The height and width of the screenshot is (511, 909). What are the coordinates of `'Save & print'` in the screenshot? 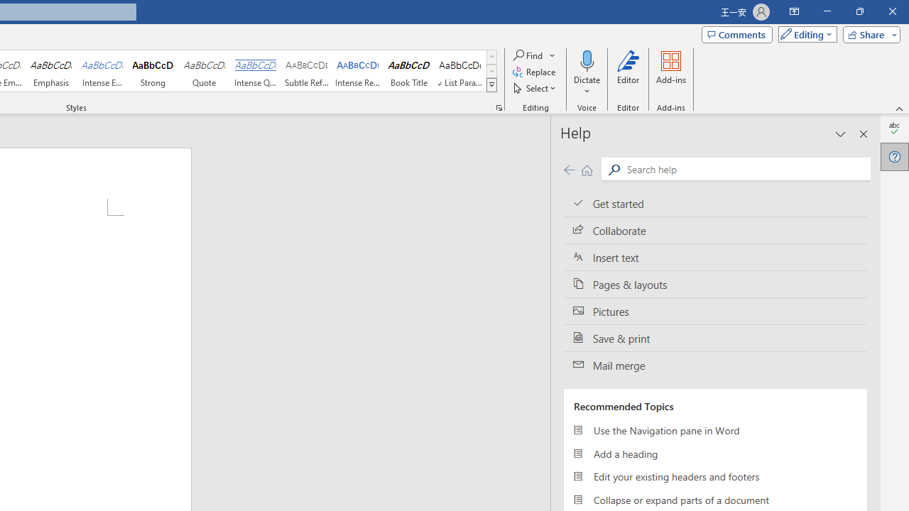 It's located at (715, 339).